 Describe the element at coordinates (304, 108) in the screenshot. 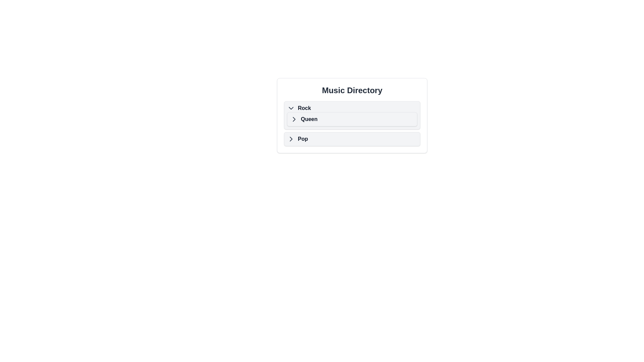

I see `the text label displaying 'Rock' in bold, dark-colored font within the 'Music Directory' interface, located to the right of the chevron-down icon` at that location.